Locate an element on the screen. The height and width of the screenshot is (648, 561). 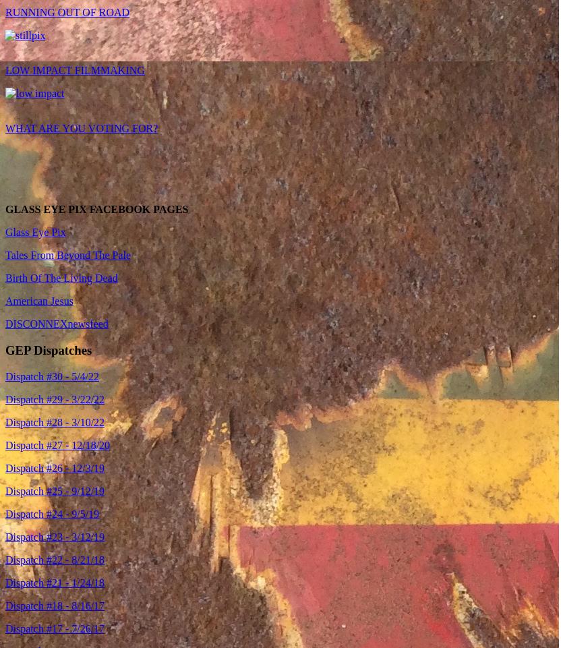
'WHAT ARE YOU VOTING FOR?' is located at coordinates (81, 128).